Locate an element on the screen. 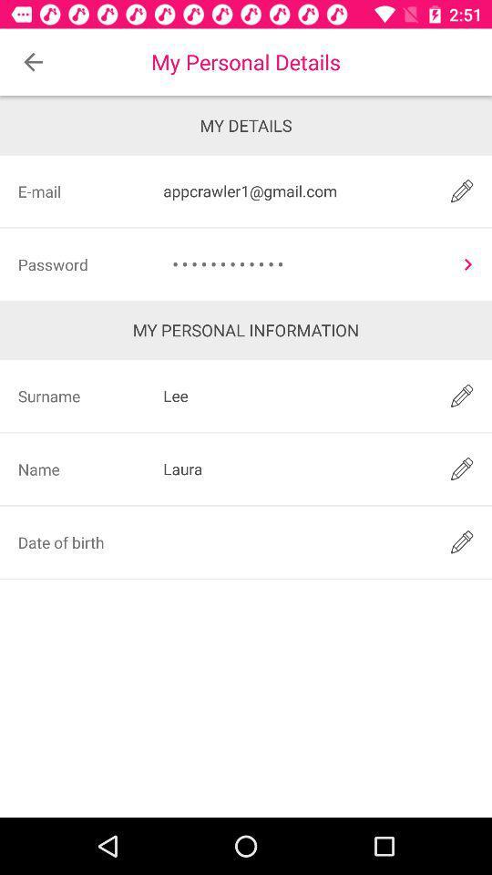  edit option is located at coordinates (462, 541).